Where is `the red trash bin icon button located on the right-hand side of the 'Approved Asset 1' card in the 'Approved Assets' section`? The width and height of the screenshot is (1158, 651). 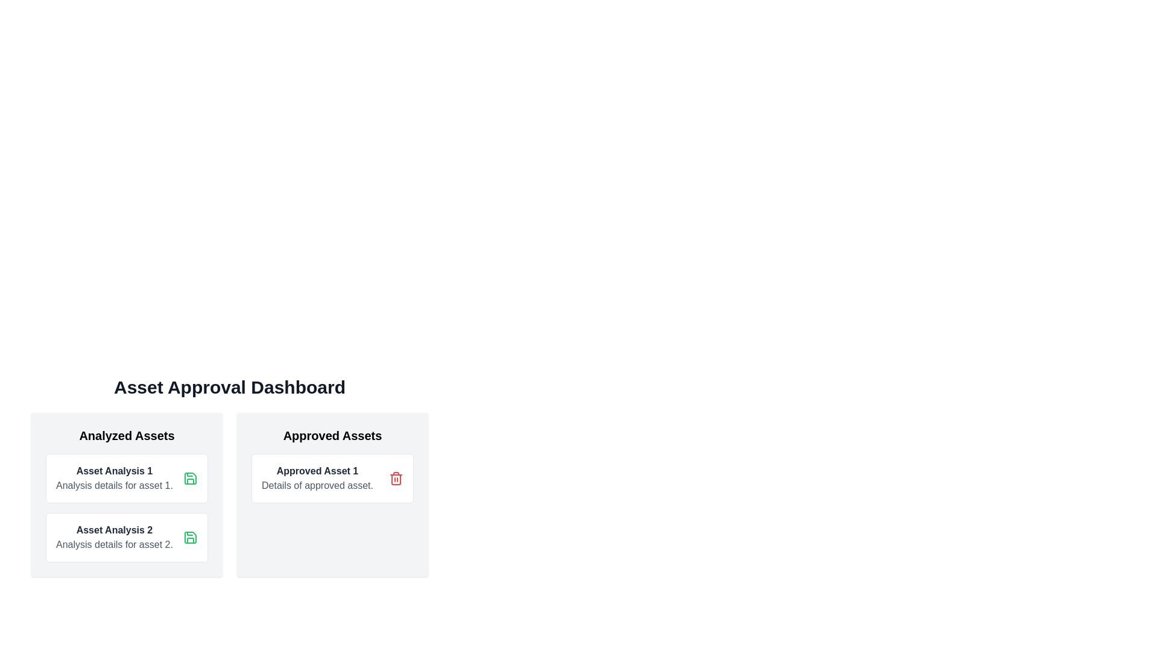
the red trash bin icon button located on the right-hand side of the 'Approved Asset 1' card in the 'Approved Assets' section is located at coordinates (396, 478).